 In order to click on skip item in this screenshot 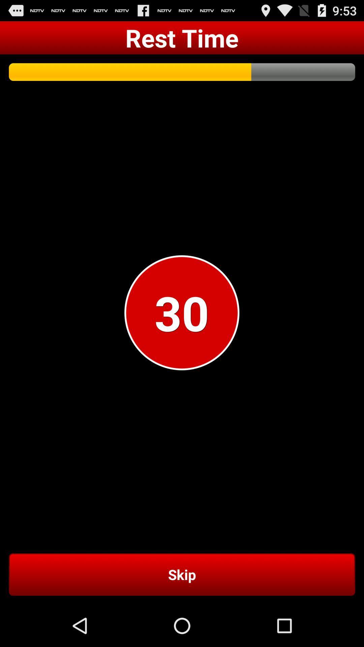, I will do `click(182, 574)`.